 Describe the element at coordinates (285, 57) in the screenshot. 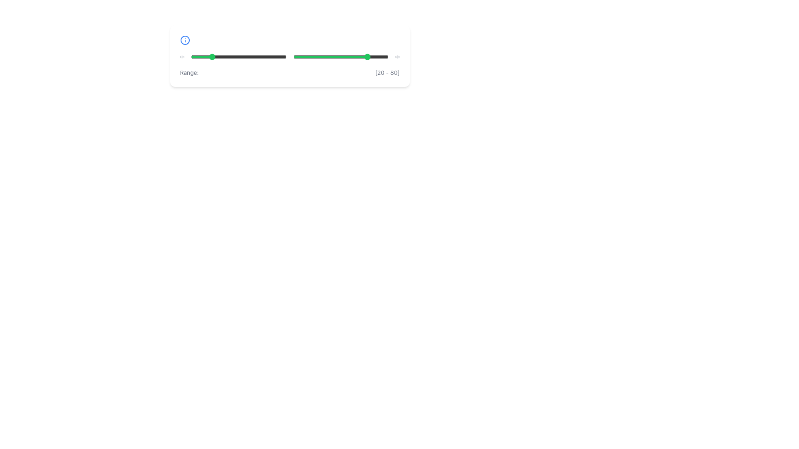

I see `the slider` at that location.